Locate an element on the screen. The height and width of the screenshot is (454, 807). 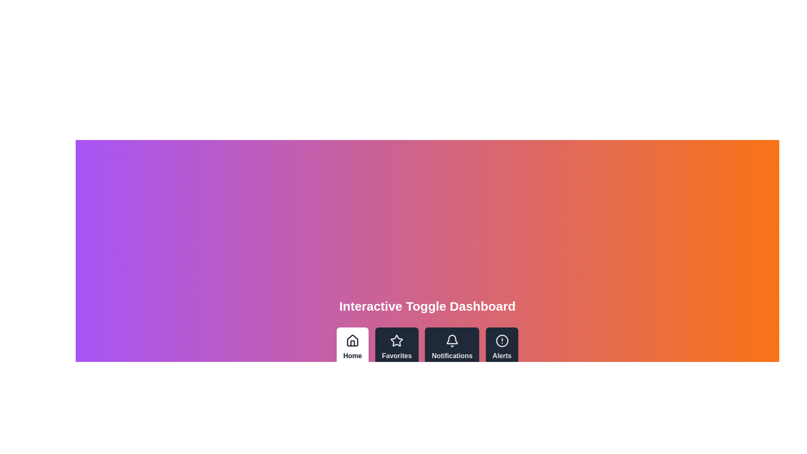
the Alerts tab by clicking on its corresponding button is located at coordinates (502, 347).